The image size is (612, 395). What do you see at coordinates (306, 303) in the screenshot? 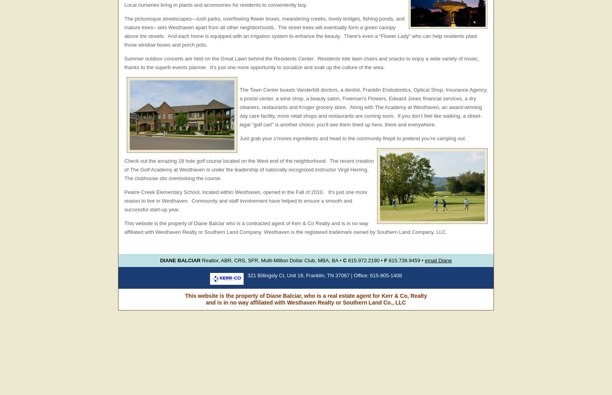
I see `'and is in no way affiliated with Westhaven Realty or Southern Land Co., LLC'` at bounding box center [306, 303].